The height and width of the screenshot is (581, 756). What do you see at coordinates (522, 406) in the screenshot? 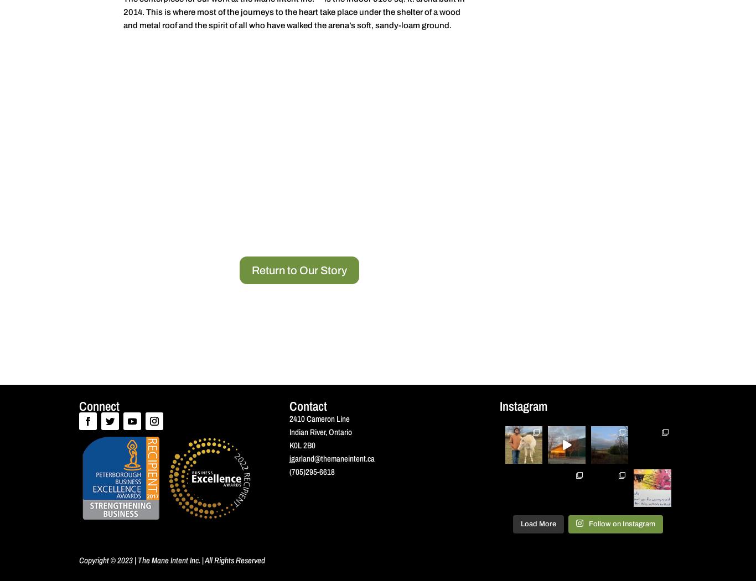
I see `'Instagram'` at bounding box center [522, 406].